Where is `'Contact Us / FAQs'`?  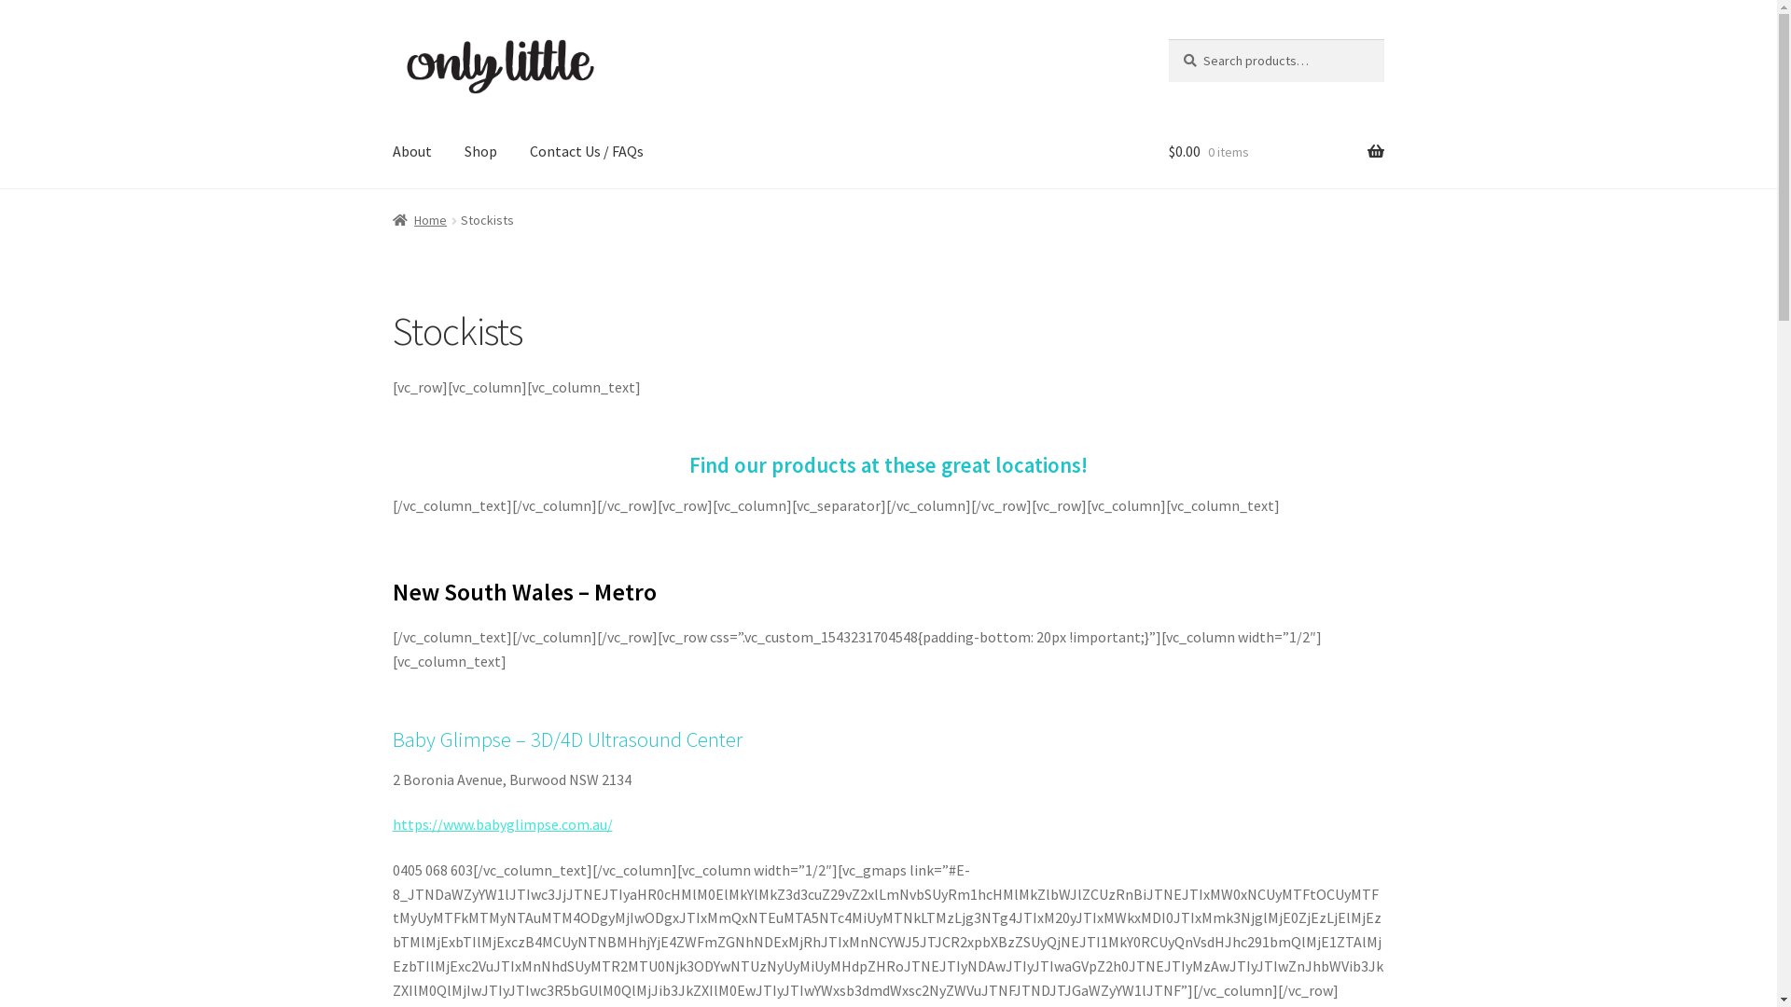
'Contact Us / FAQs' is located at coordinates (585, 150).